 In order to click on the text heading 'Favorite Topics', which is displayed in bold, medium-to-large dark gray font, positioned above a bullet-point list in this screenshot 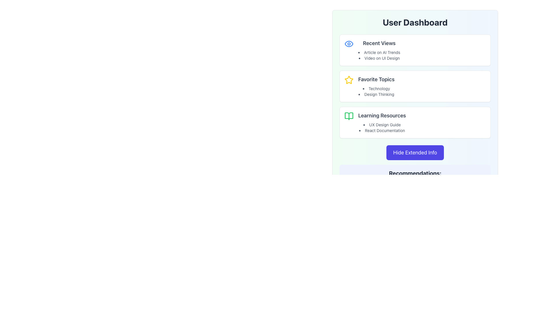, I will do `click(376, 80)`.